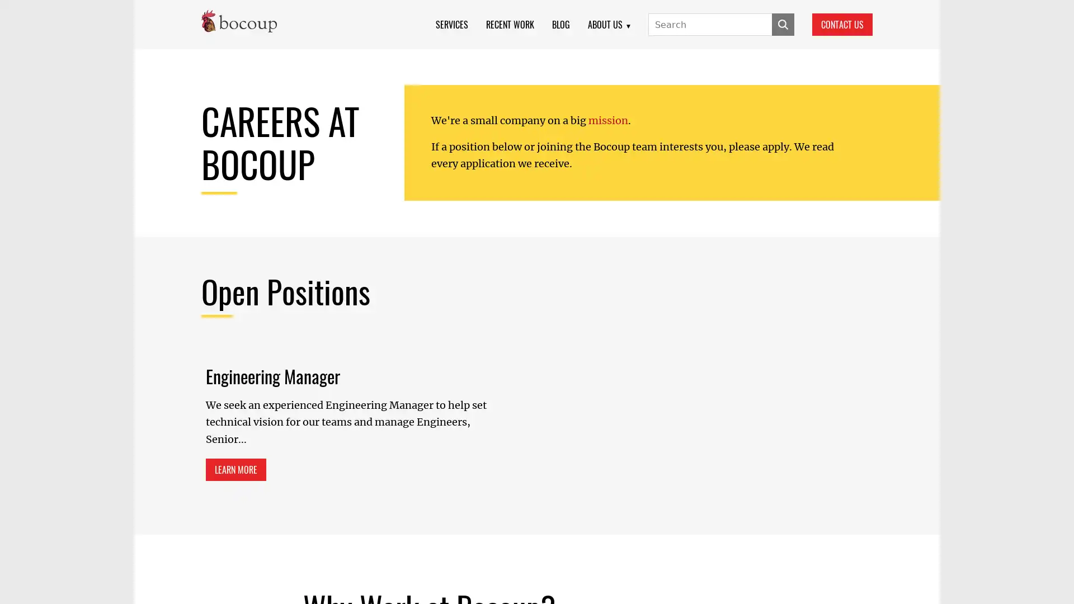 The height and width of the screenshot is (604, 1074). I want to click on SUBMIT, so click(783, 24).